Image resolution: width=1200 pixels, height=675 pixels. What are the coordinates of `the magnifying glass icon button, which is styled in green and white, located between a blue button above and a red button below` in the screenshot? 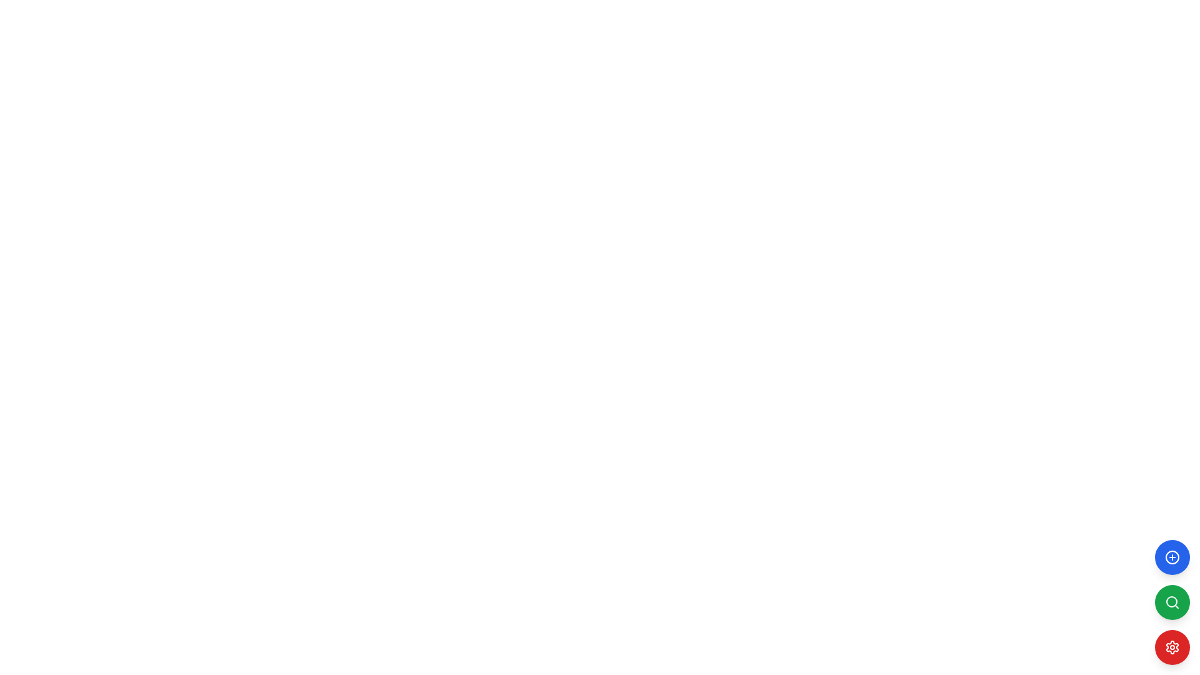 It's located at (1172, 602).